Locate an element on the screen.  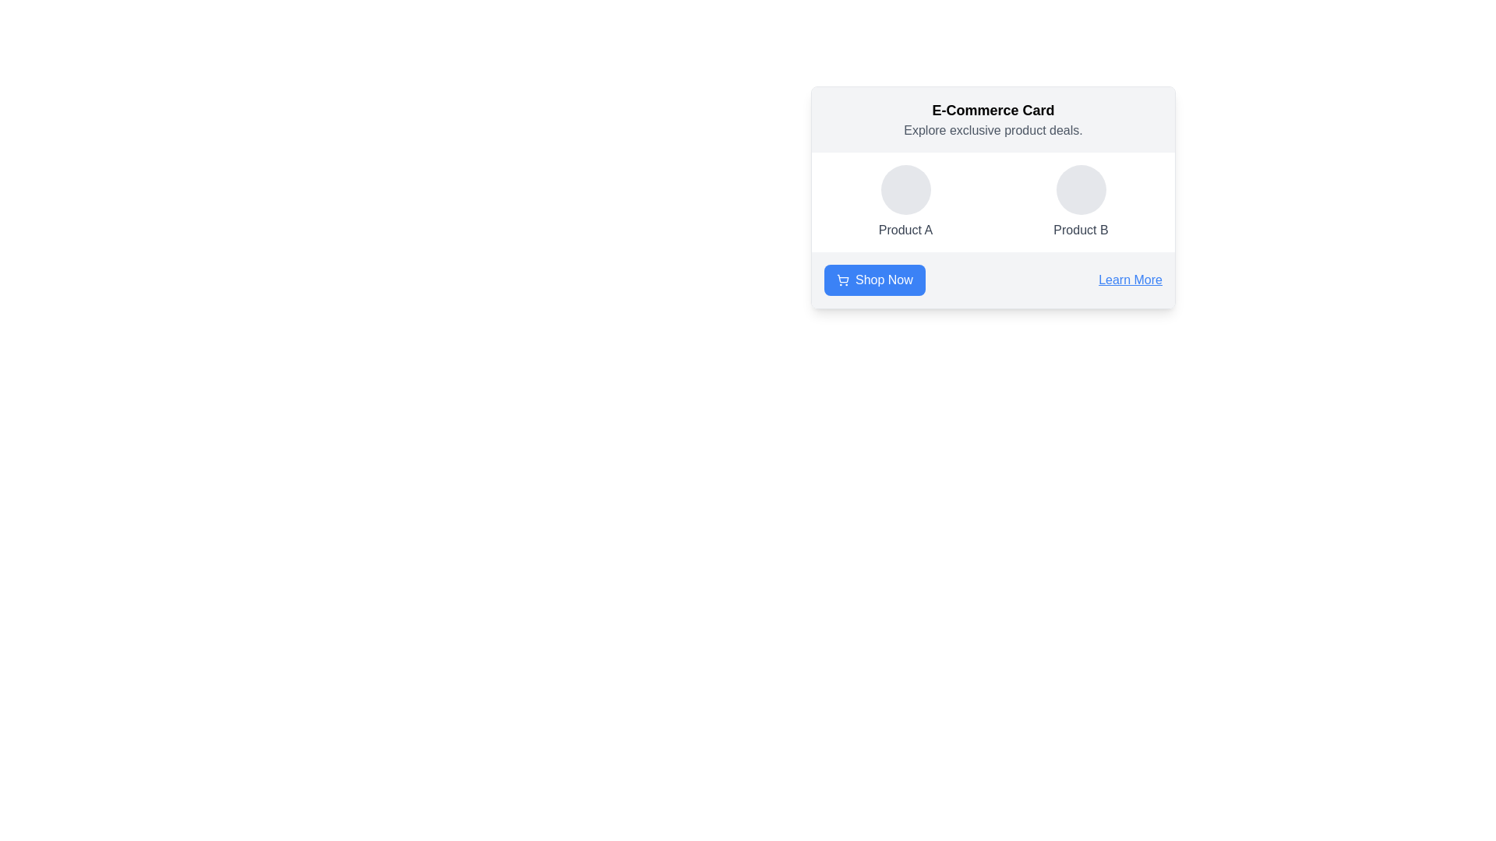
the Text Label that displays the name or label of the item, located in the left section of the card layout, directly below the circular placeholder image is located at coordinates (905, 230).